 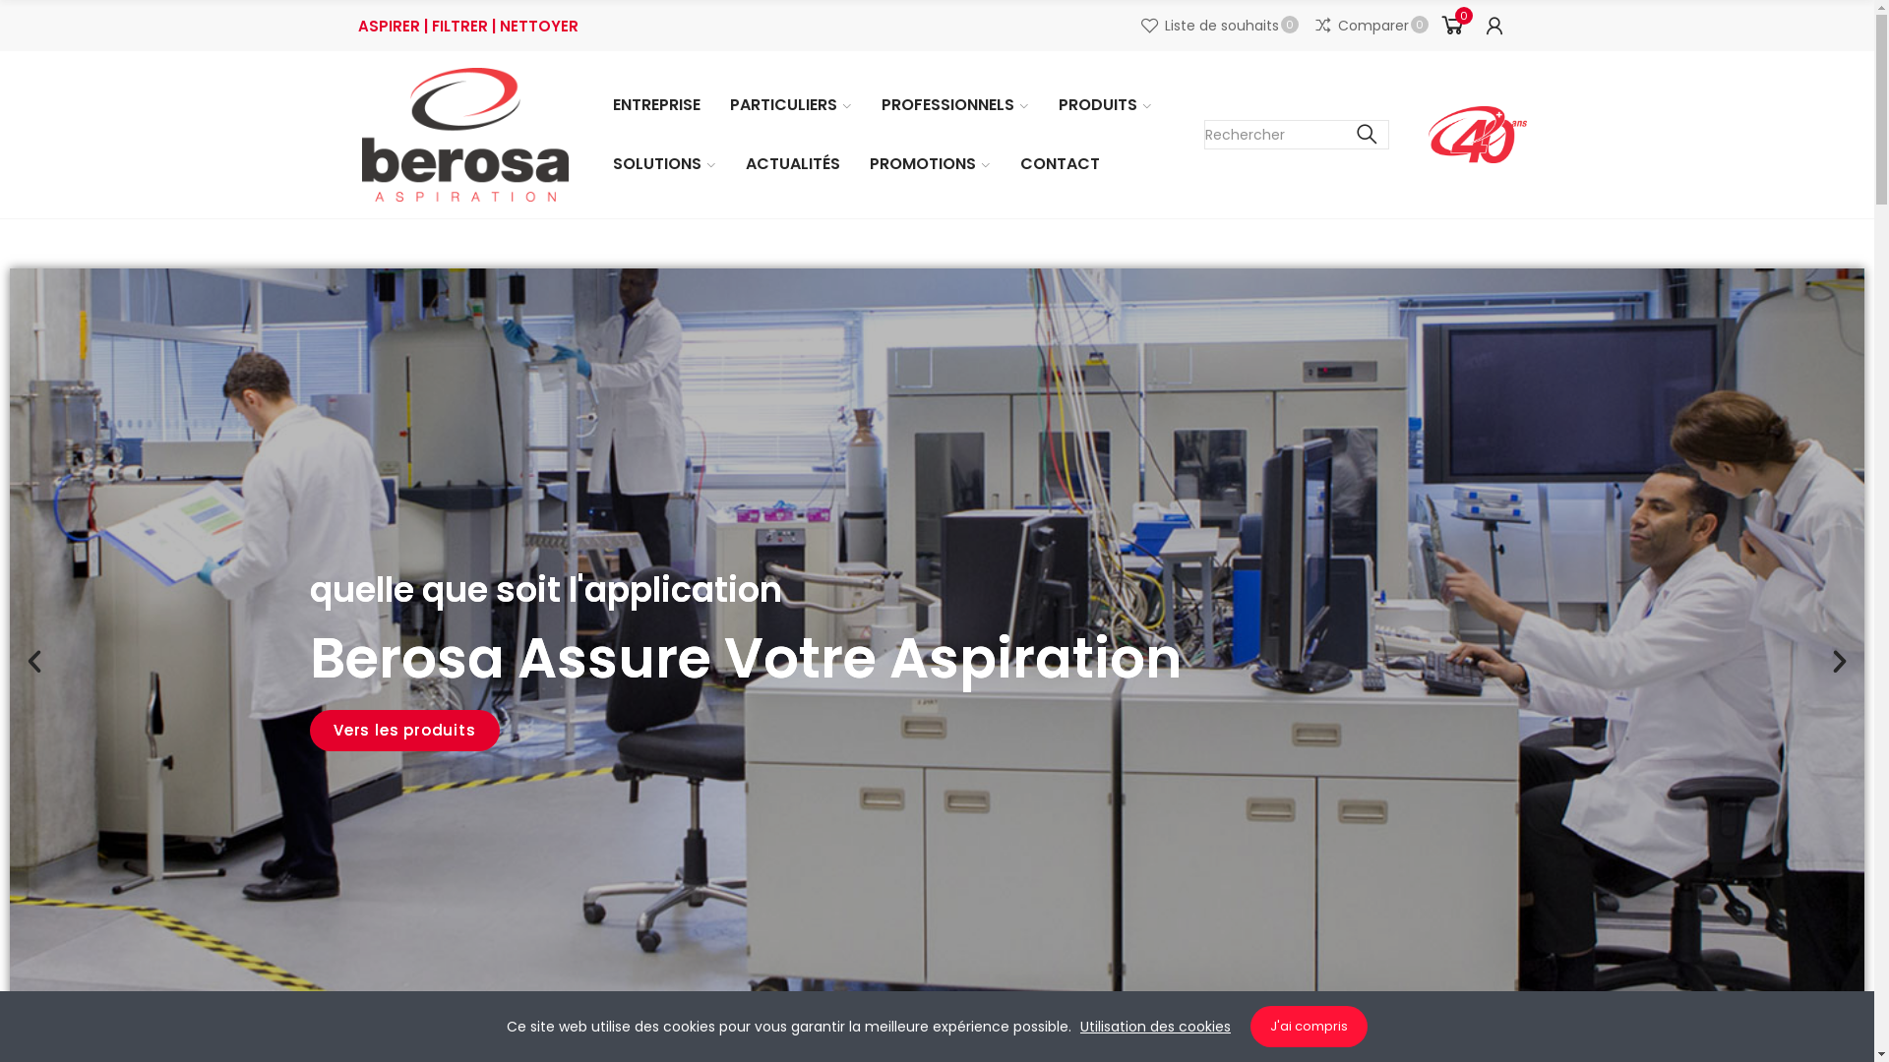 I want to click on 'Utilisation des cookies', so click(x=1155, y=1026).